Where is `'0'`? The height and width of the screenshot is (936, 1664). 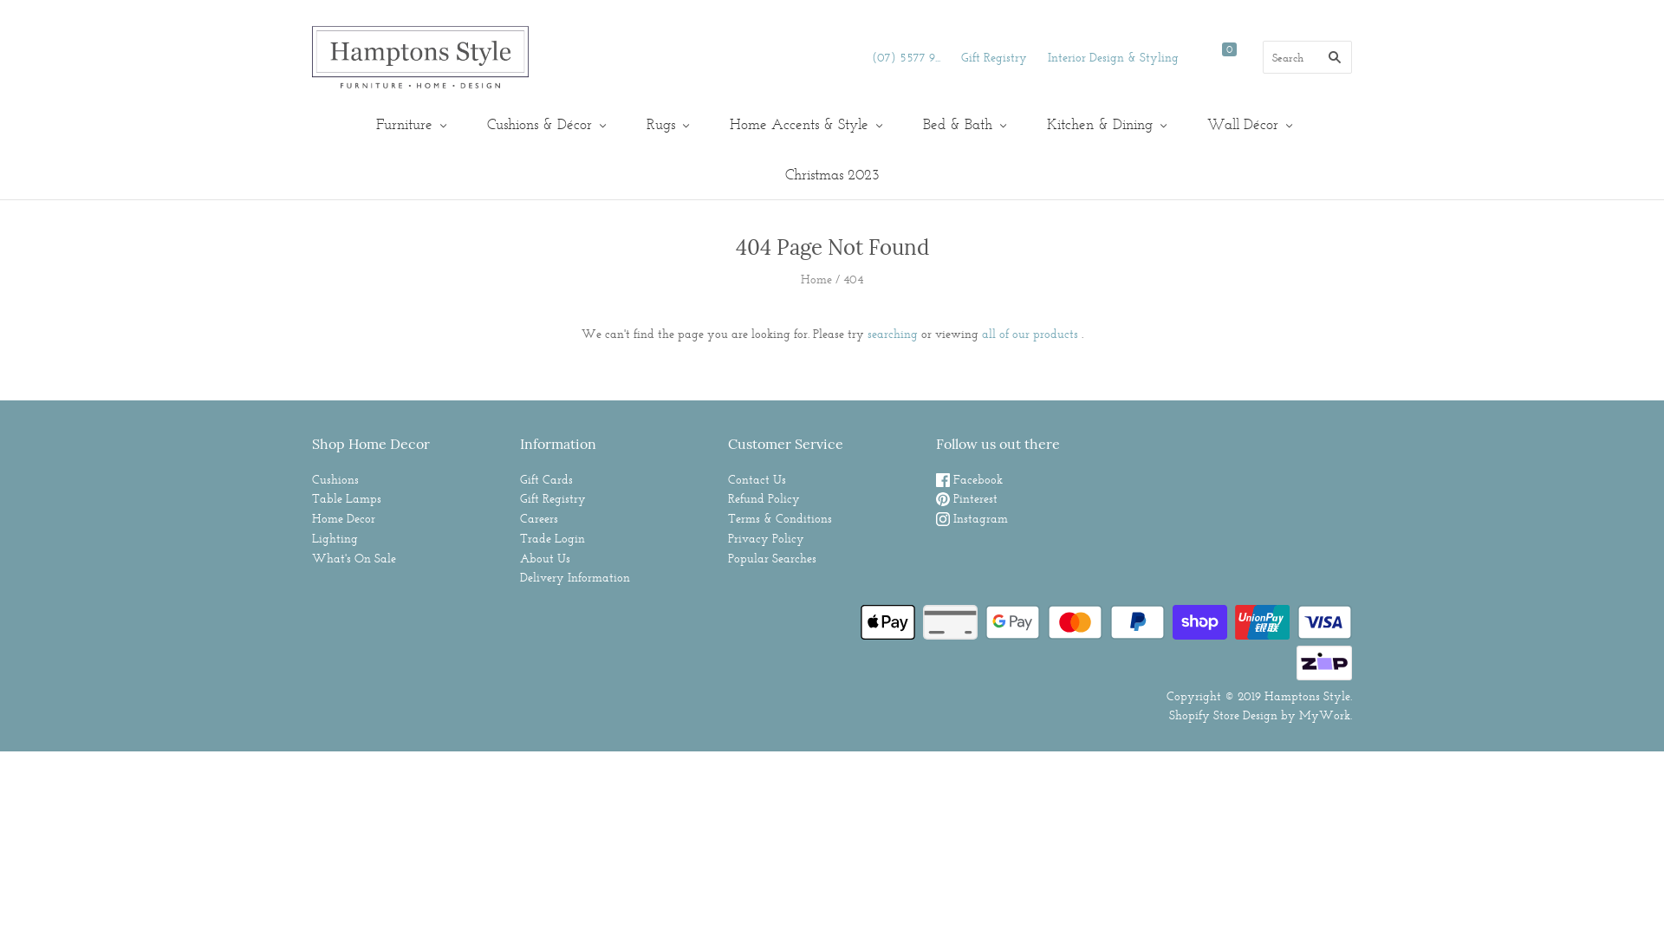
'0' is located at coordinates (1232, 56).